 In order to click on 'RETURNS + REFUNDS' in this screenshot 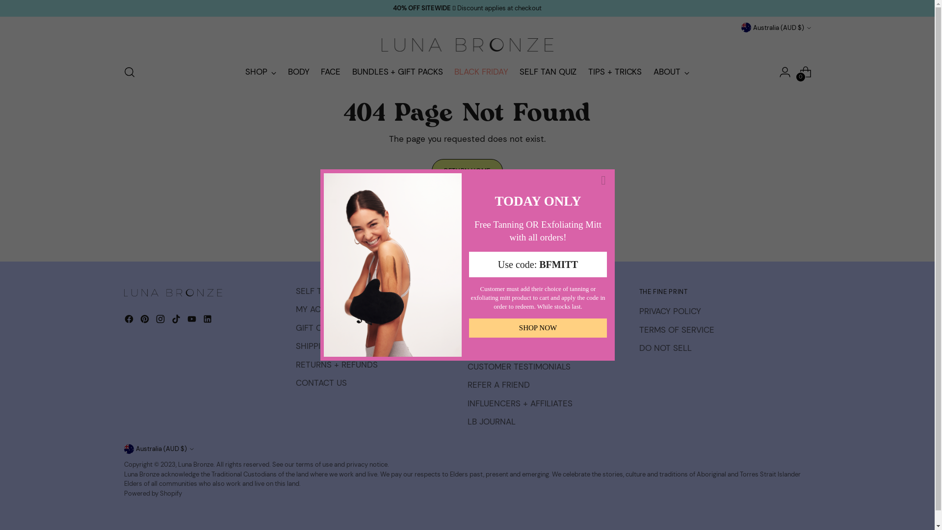, I will do `click(336, 365)`.